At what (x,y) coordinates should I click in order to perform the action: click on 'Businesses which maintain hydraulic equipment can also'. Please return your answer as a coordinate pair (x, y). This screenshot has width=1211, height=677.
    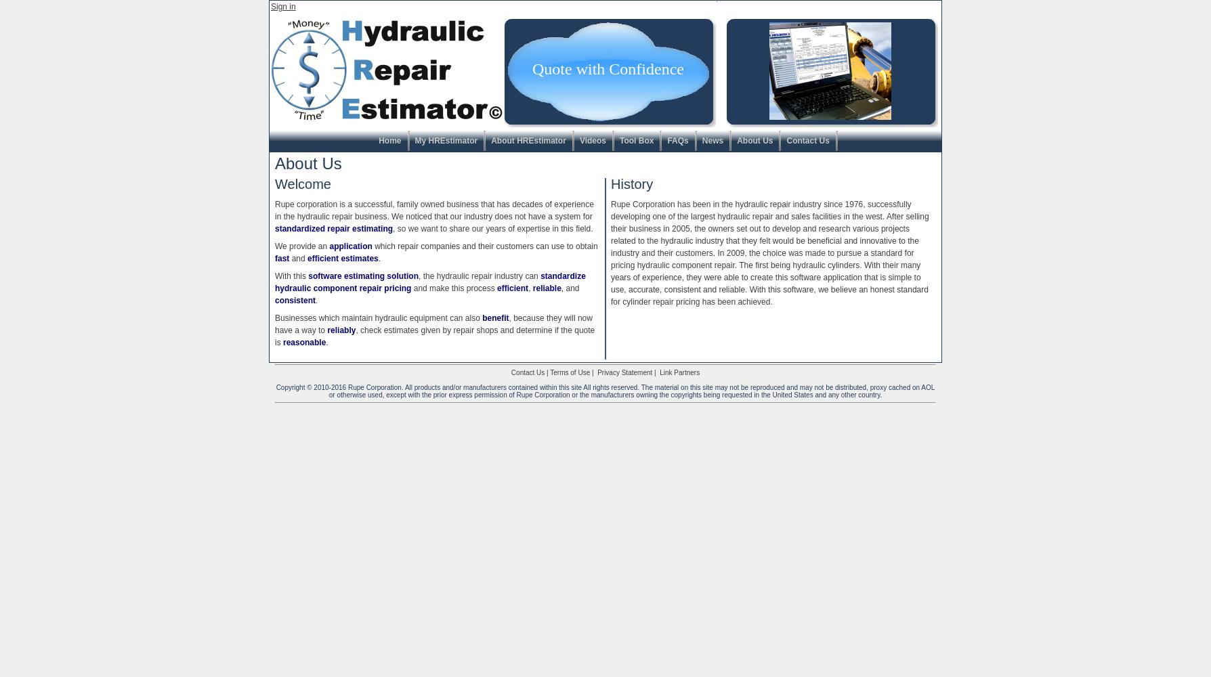
    Looking at the image, I should click on (378, 318).